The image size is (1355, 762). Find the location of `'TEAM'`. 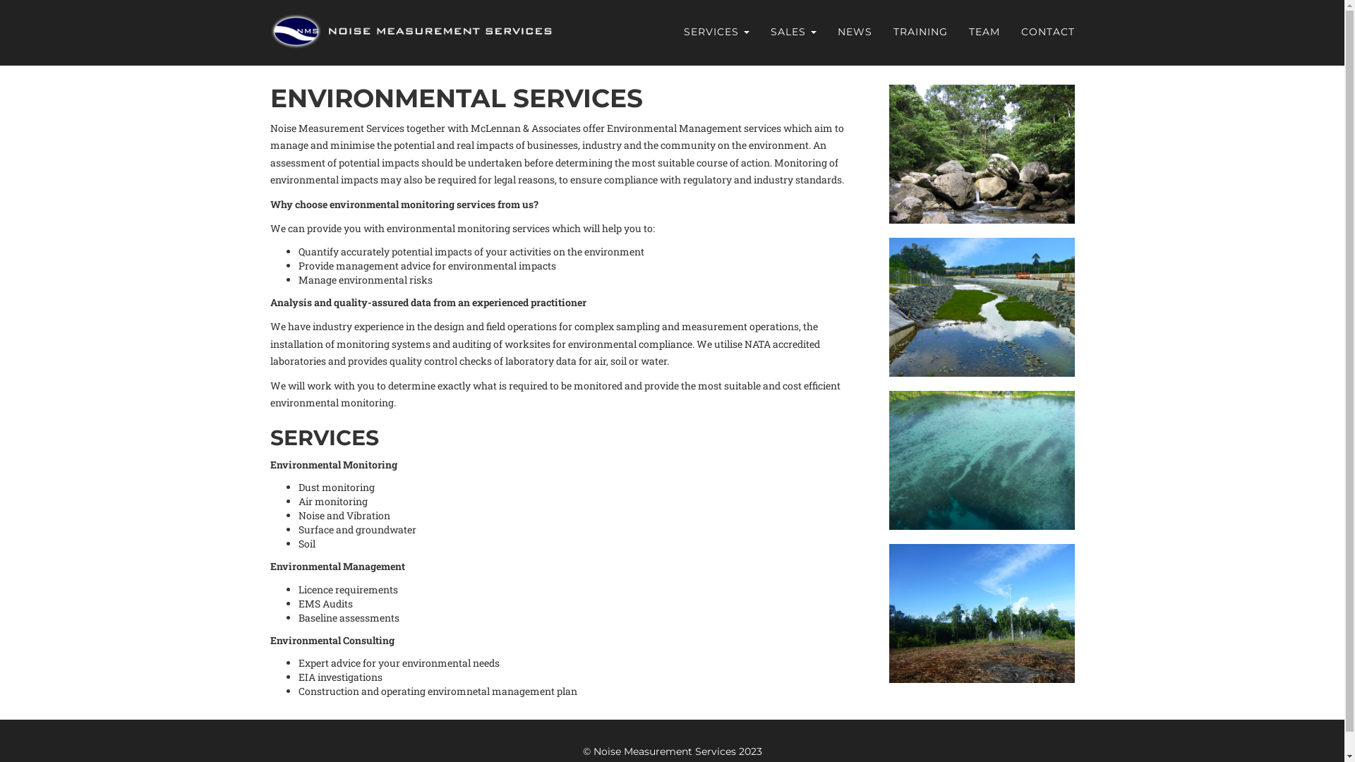

'TEAM' is located at coordinates (958, 32).